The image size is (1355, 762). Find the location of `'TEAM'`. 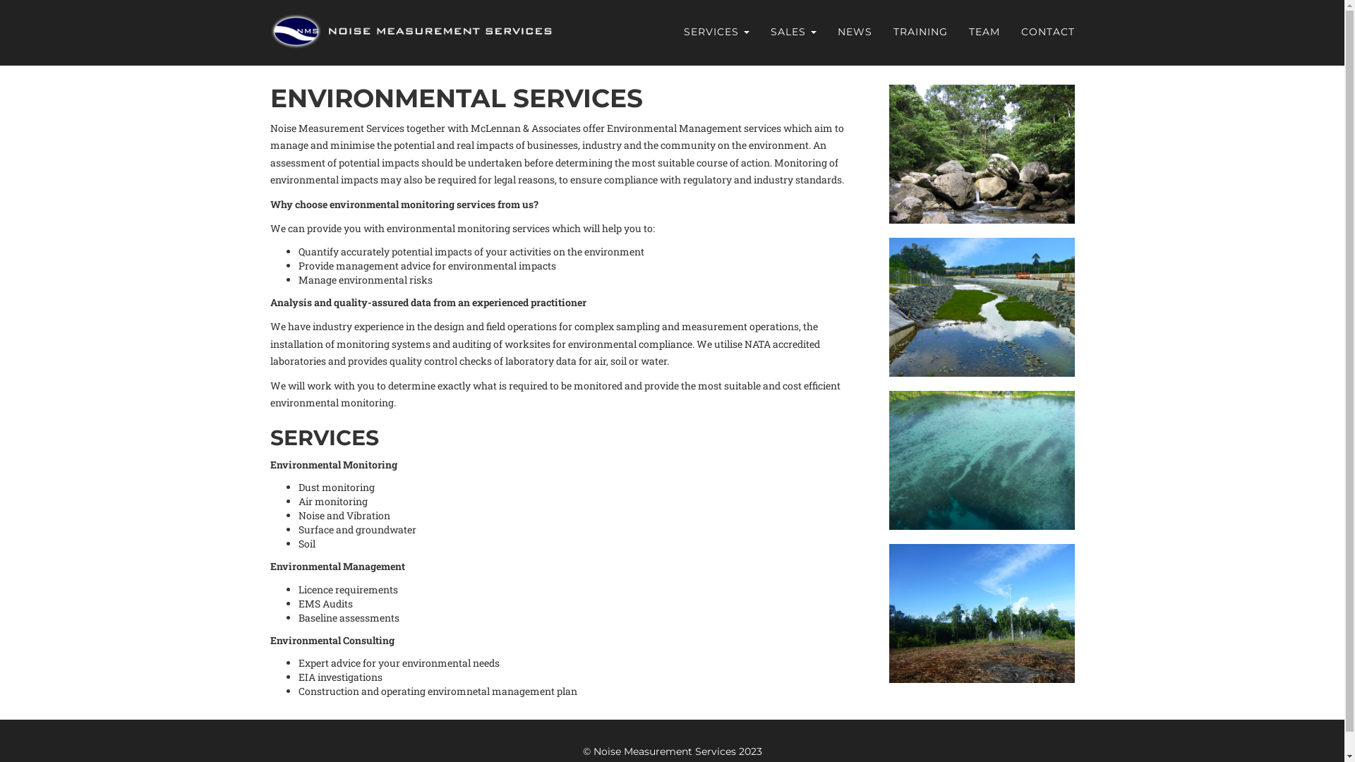

'TEAM' is located at coordinates (958, 32).